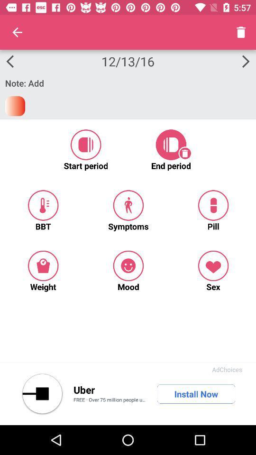  What do you see at coordinates (196, 394) in the screenshot?
I see `the app below the adchoices item` at bounding box center [196, 394].